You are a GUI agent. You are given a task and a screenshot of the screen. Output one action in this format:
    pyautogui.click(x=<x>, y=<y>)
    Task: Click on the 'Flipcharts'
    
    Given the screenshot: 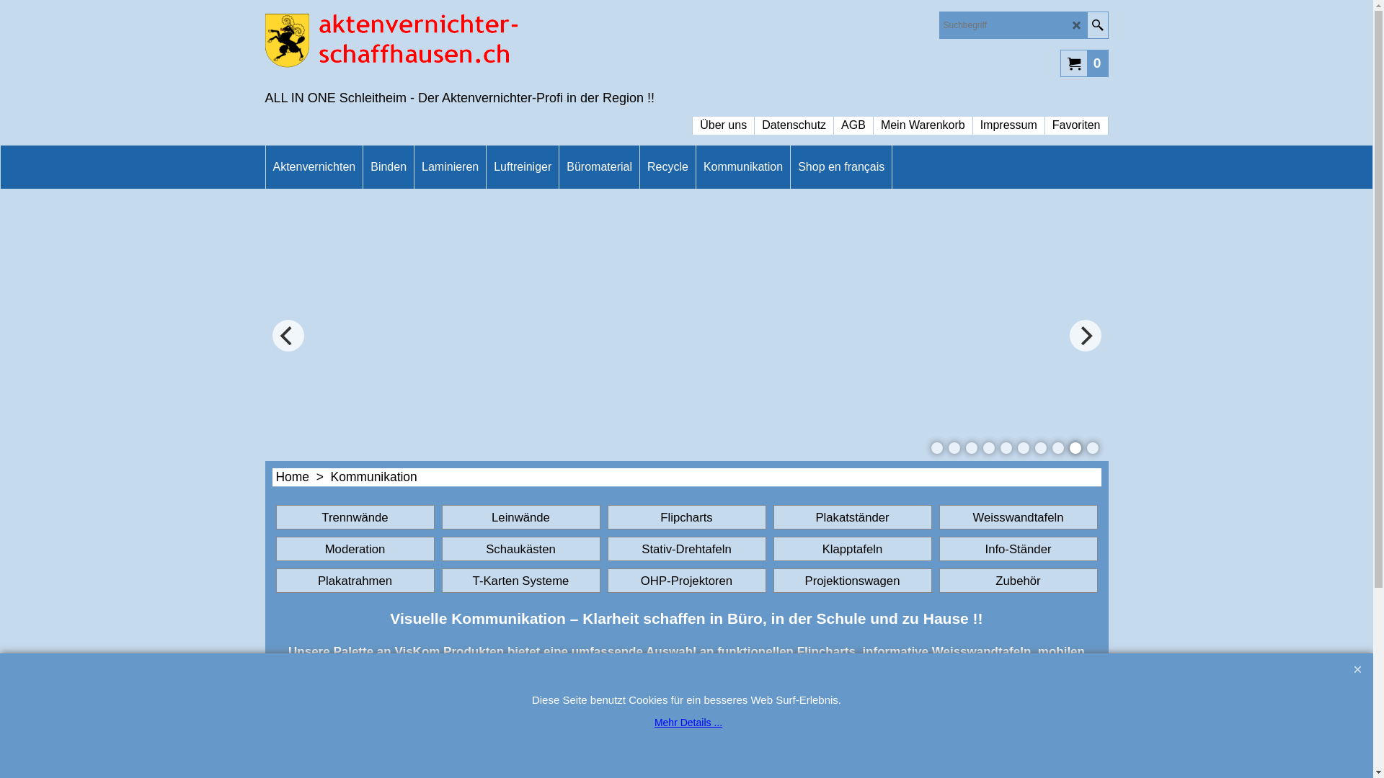 What is the action you would take?
    pyautogui.click(x=685, y=516)
    